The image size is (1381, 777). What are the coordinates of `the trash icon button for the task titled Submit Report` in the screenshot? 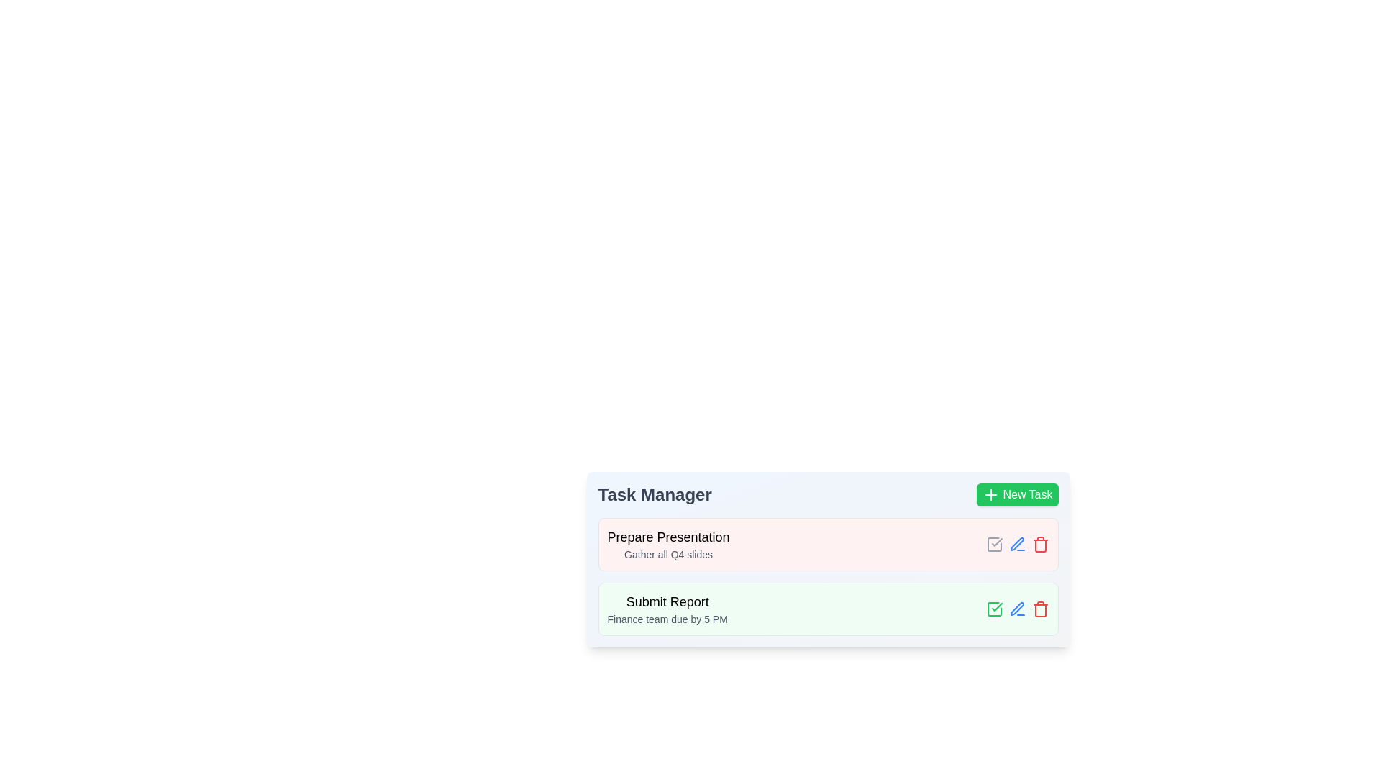 It's located at (1040, 609).